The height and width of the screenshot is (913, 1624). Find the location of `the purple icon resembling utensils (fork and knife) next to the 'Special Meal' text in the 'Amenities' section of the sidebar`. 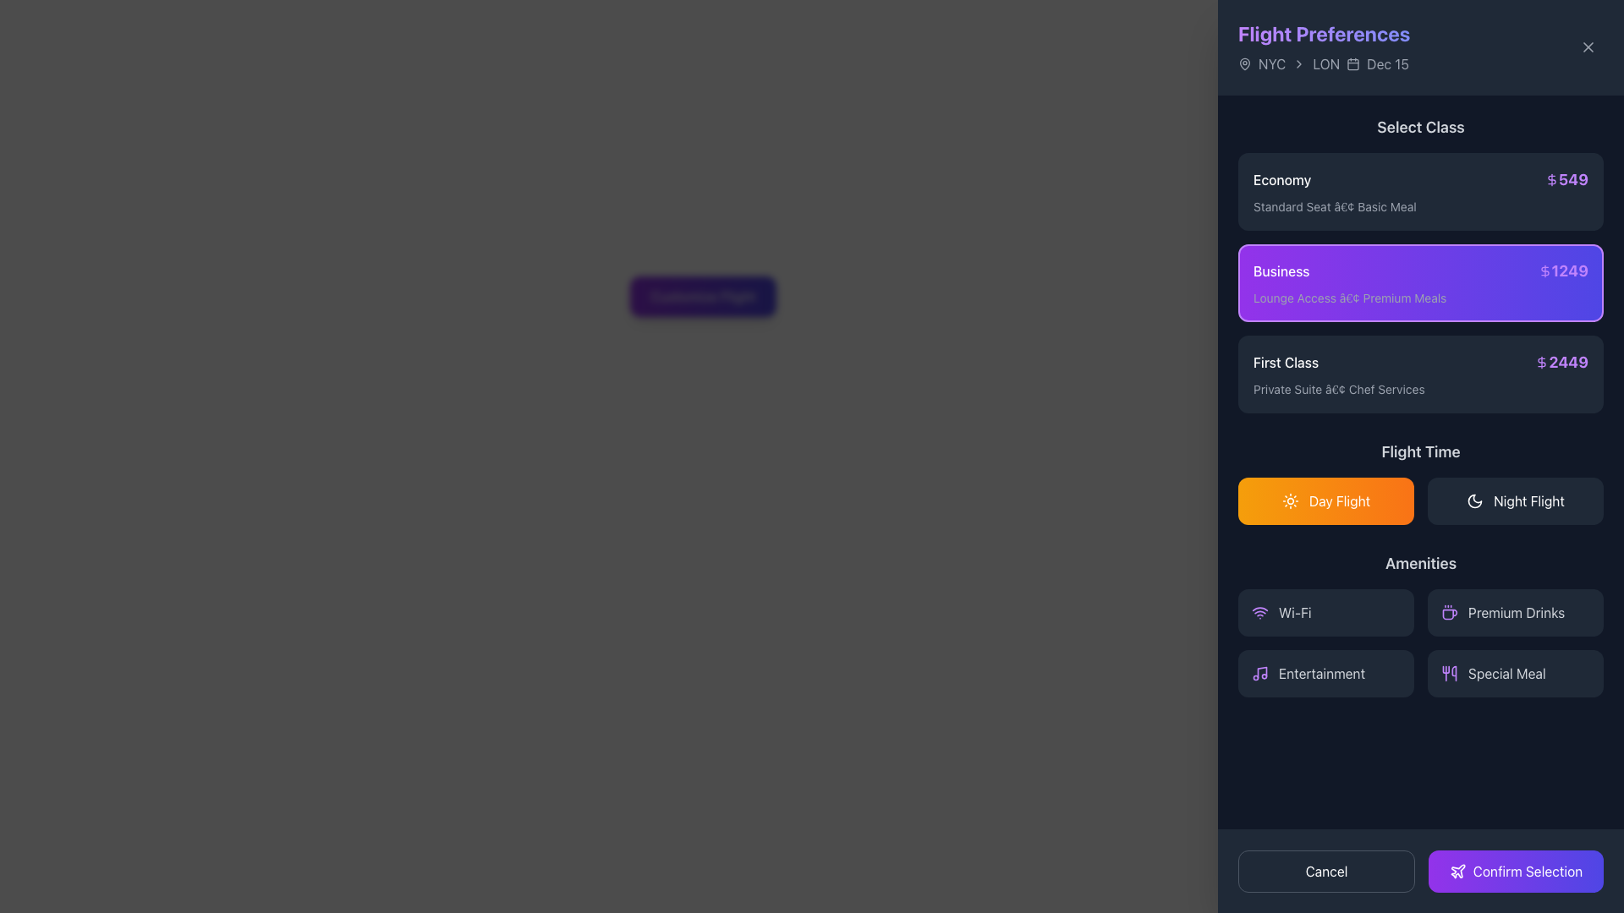

the purple icon resembling utensils (fork and knife) next to the 'Special Meal' text in the 'Amenities' section of the sidebar is located at coordinates (1448, 673).